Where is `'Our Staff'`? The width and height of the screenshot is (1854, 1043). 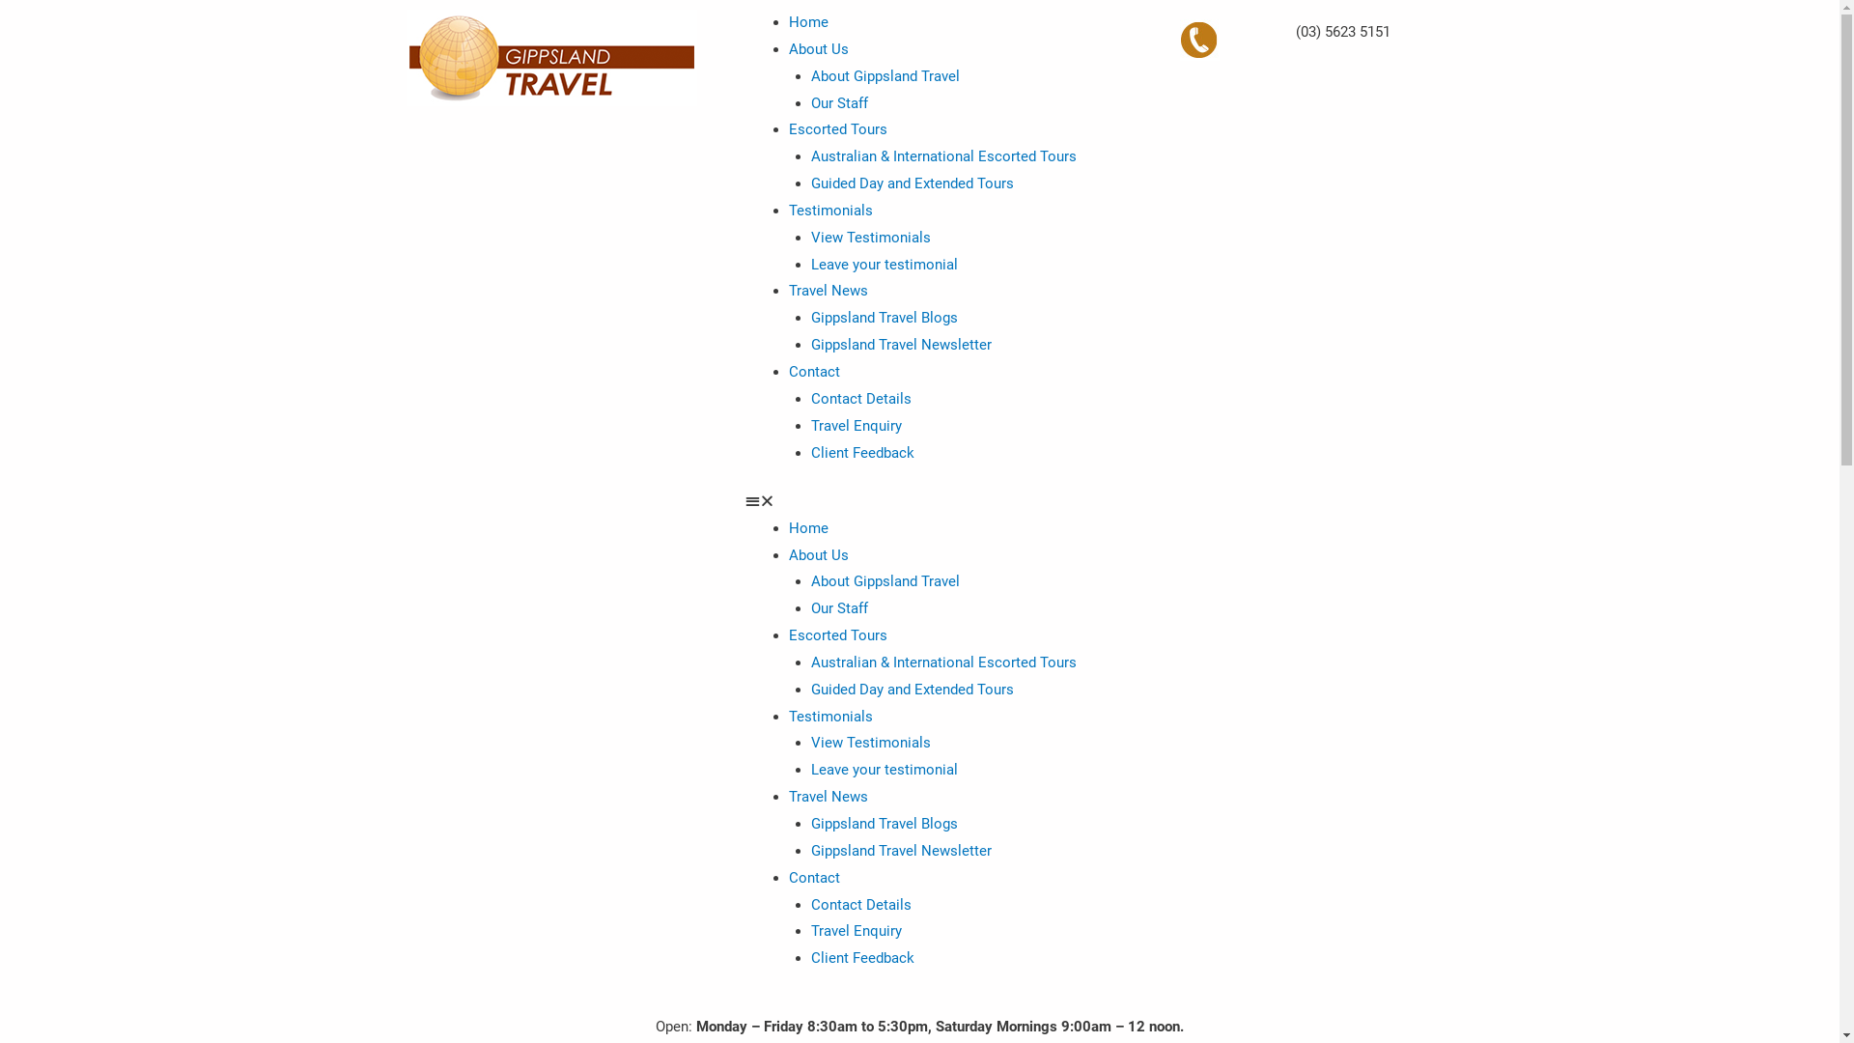
'Our Staff' is located at coordinates (839, 606).